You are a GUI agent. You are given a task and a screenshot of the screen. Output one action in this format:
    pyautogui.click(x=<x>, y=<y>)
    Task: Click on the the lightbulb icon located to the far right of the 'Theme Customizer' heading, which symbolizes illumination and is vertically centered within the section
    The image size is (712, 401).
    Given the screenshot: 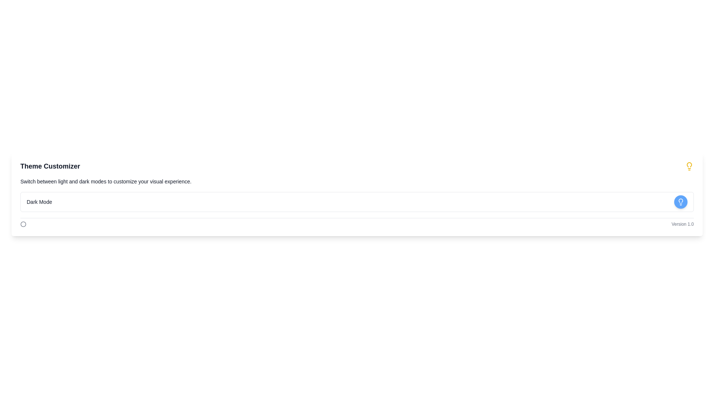 What is the action you would take?
    pyautogui.click(x=689, y=166)
    